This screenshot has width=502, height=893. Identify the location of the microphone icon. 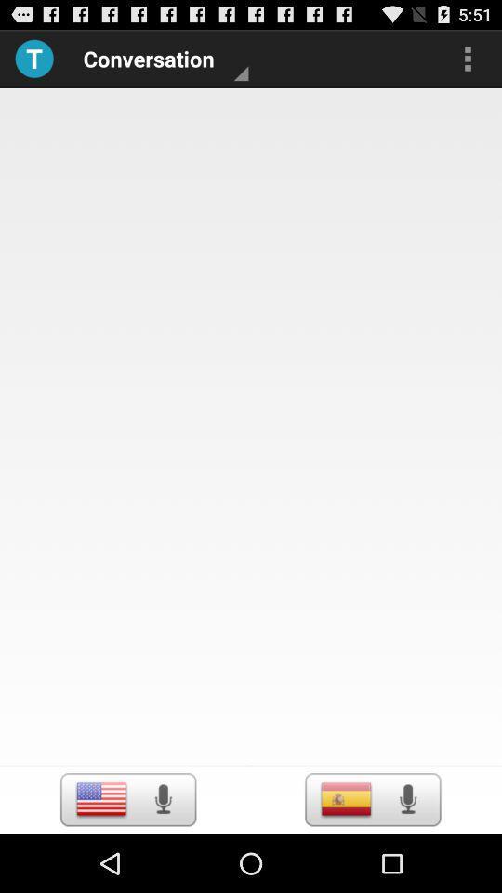
(406, 856).